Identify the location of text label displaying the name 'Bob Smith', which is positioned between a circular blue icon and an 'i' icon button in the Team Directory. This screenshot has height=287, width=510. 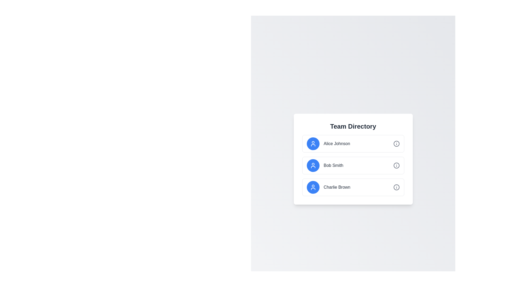
(333, 165).